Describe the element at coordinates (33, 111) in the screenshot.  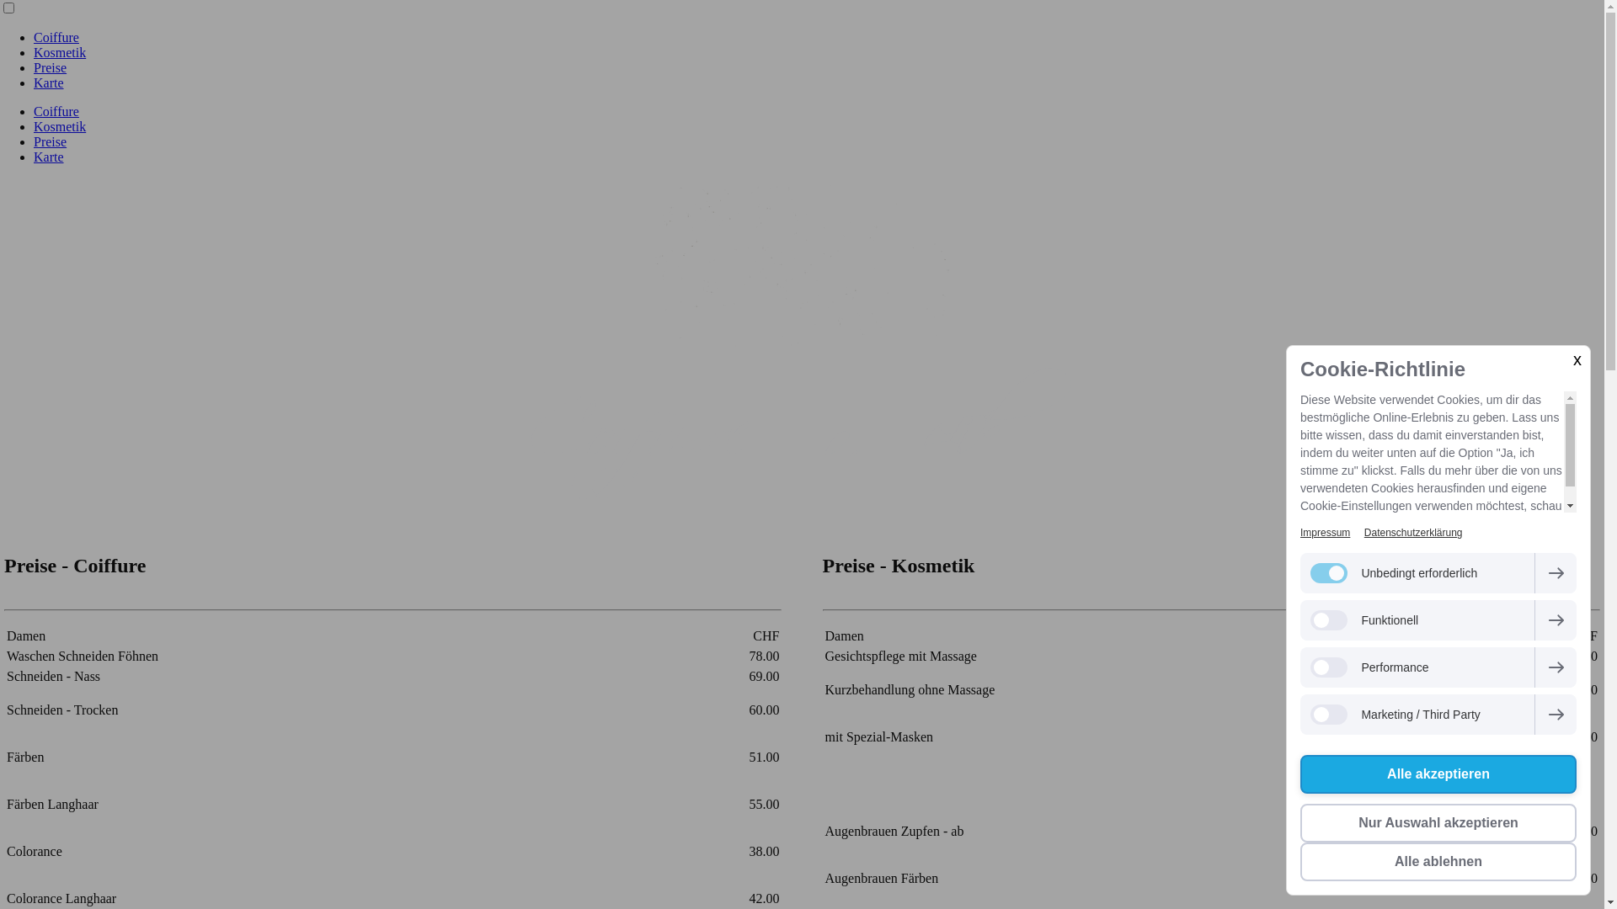
I see `'Coiffure'` at that location.